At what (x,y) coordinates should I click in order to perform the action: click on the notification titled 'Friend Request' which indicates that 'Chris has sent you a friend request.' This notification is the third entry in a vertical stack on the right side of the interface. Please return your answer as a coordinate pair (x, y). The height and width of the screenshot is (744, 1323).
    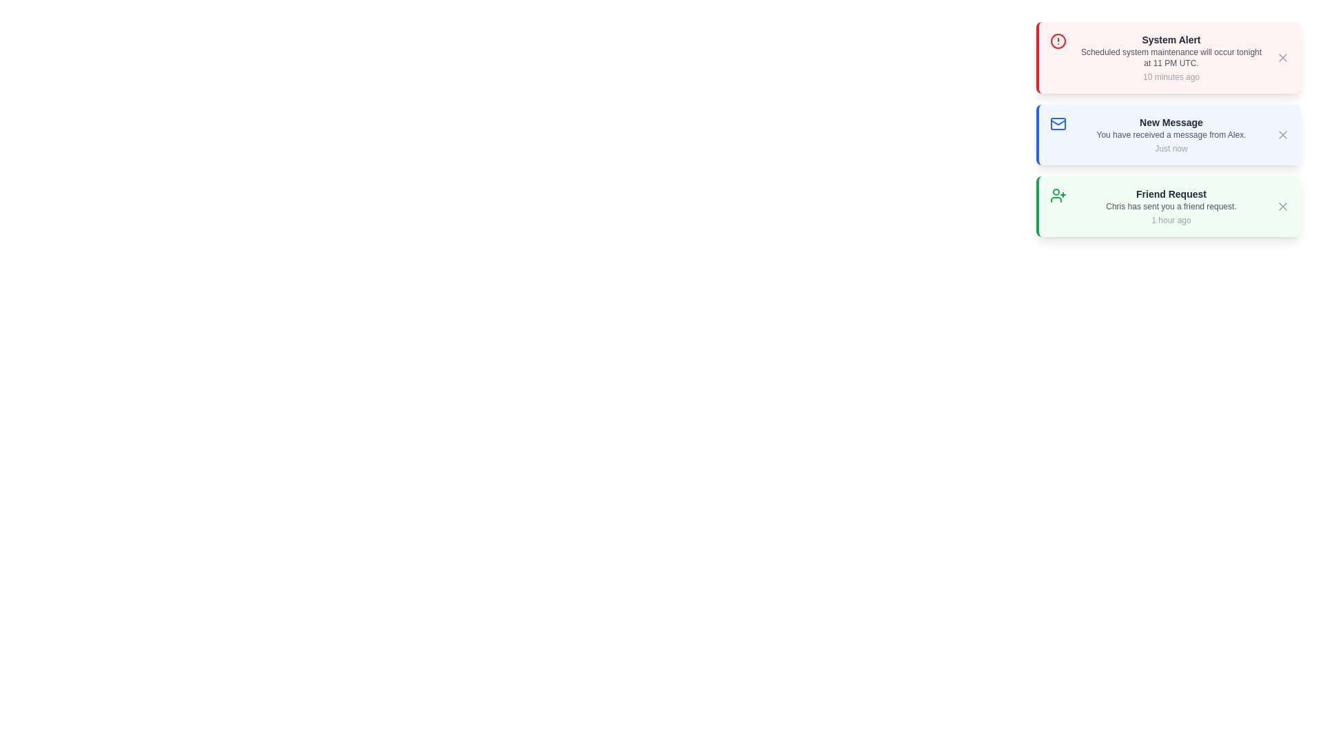
    Looking at the image, I should click on (1170, 207).